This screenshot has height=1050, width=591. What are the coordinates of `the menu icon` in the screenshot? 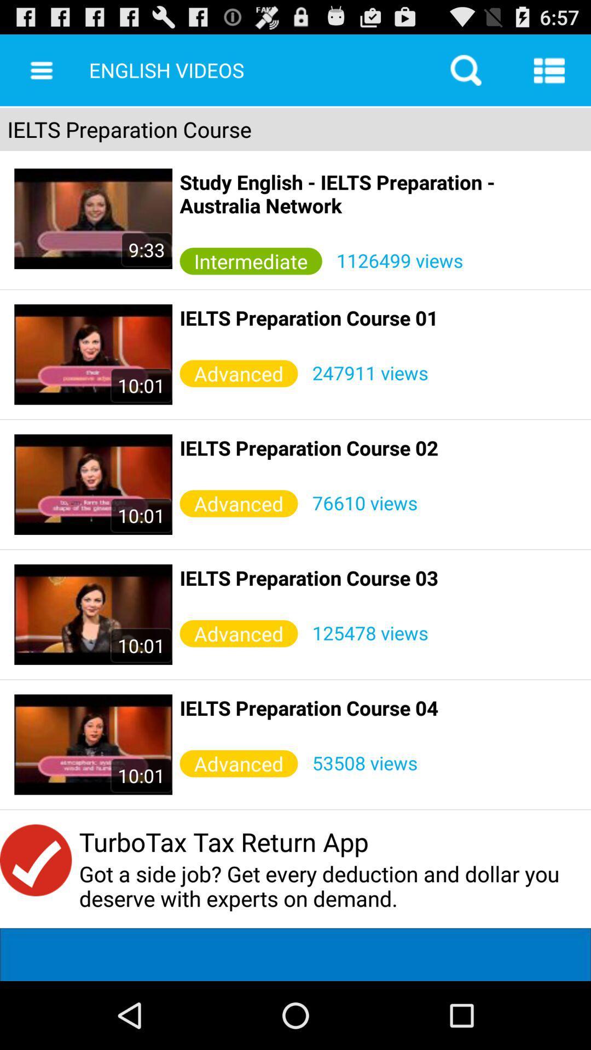 It's located at (41, 74).